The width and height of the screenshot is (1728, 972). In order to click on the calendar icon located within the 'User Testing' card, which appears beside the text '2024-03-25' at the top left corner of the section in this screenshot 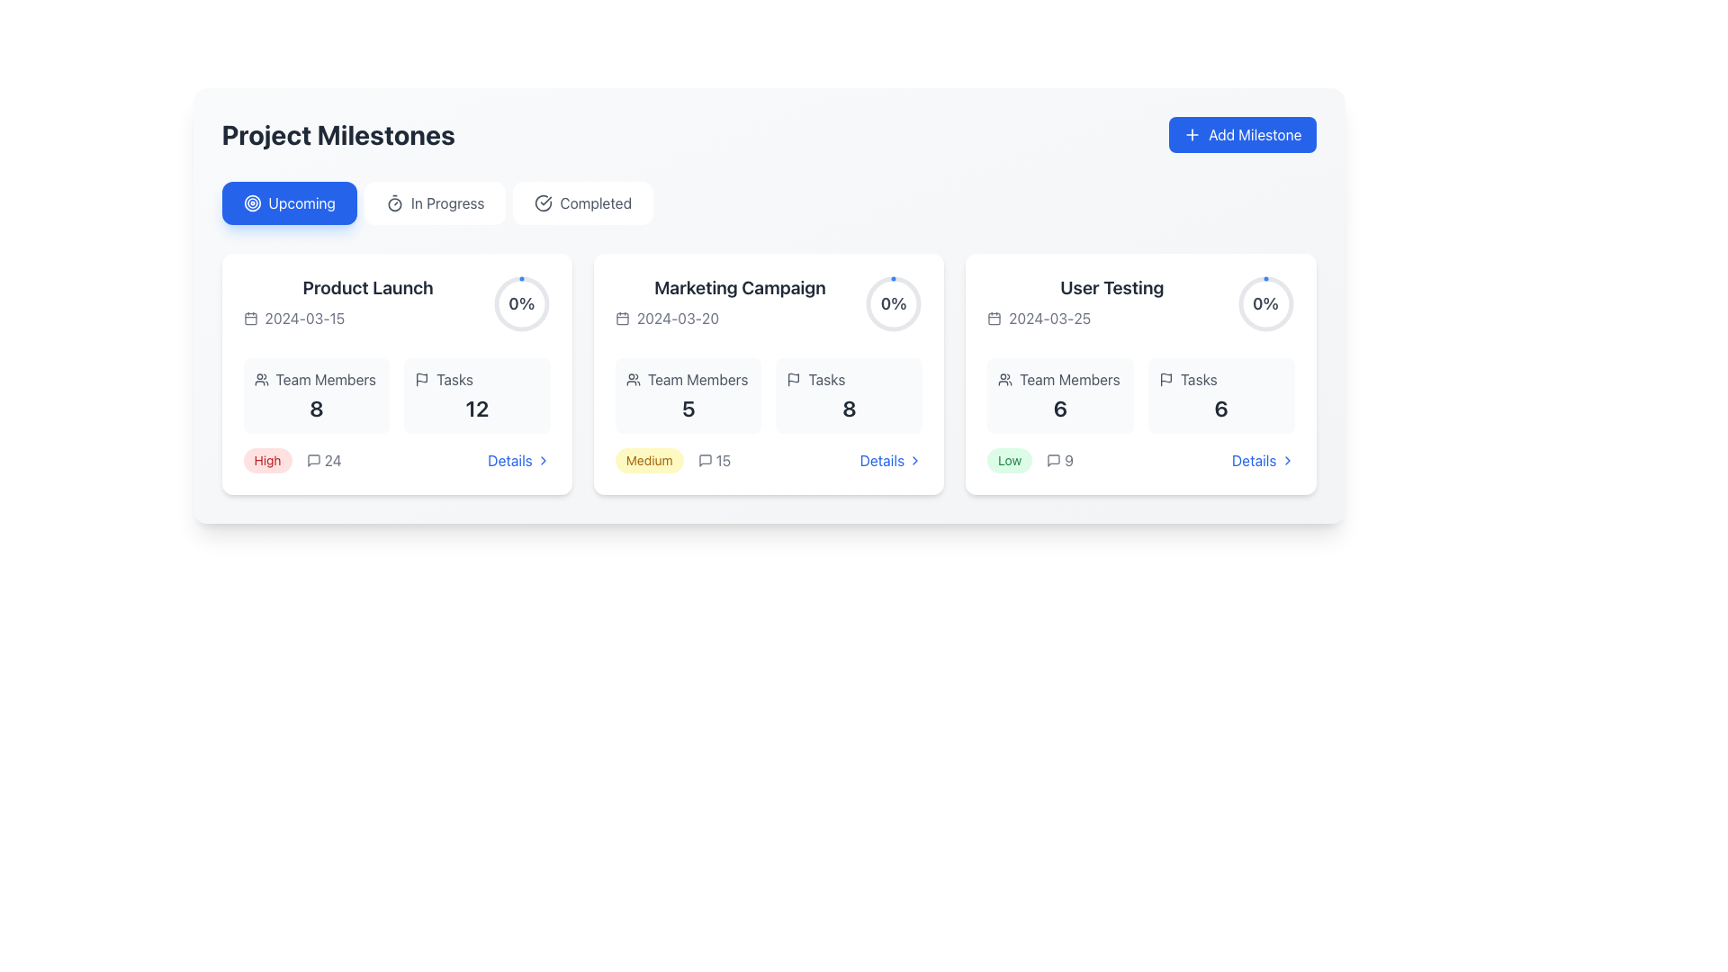, I will do `click(994, 318)`.